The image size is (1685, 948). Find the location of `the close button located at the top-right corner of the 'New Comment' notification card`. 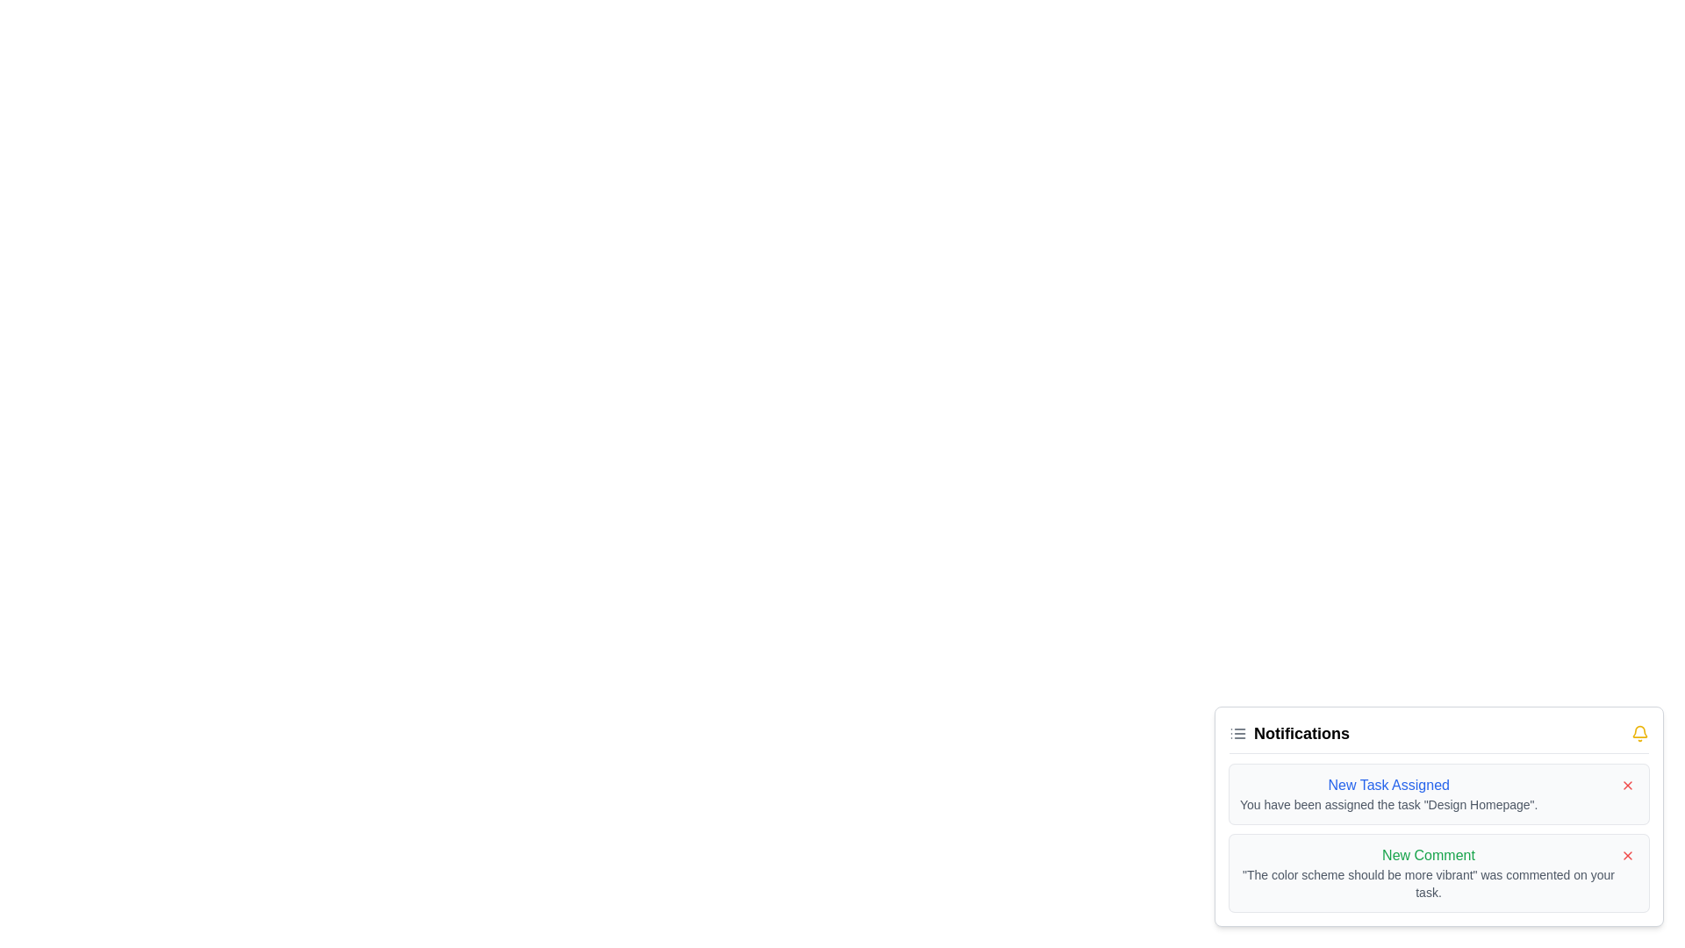

the close button located at the top-right corner of the 'New Comment' notification card is located at coordinates (1626, 855).